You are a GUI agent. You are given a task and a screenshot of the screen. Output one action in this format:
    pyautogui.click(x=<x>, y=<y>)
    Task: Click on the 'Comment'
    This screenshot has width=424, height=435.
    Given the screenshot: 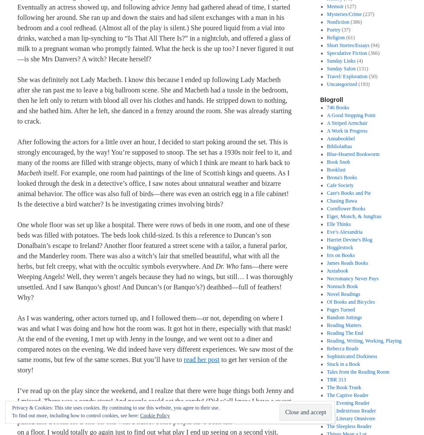 What is the action you would take?
    pyautogui.click(x=263, y=416)
    